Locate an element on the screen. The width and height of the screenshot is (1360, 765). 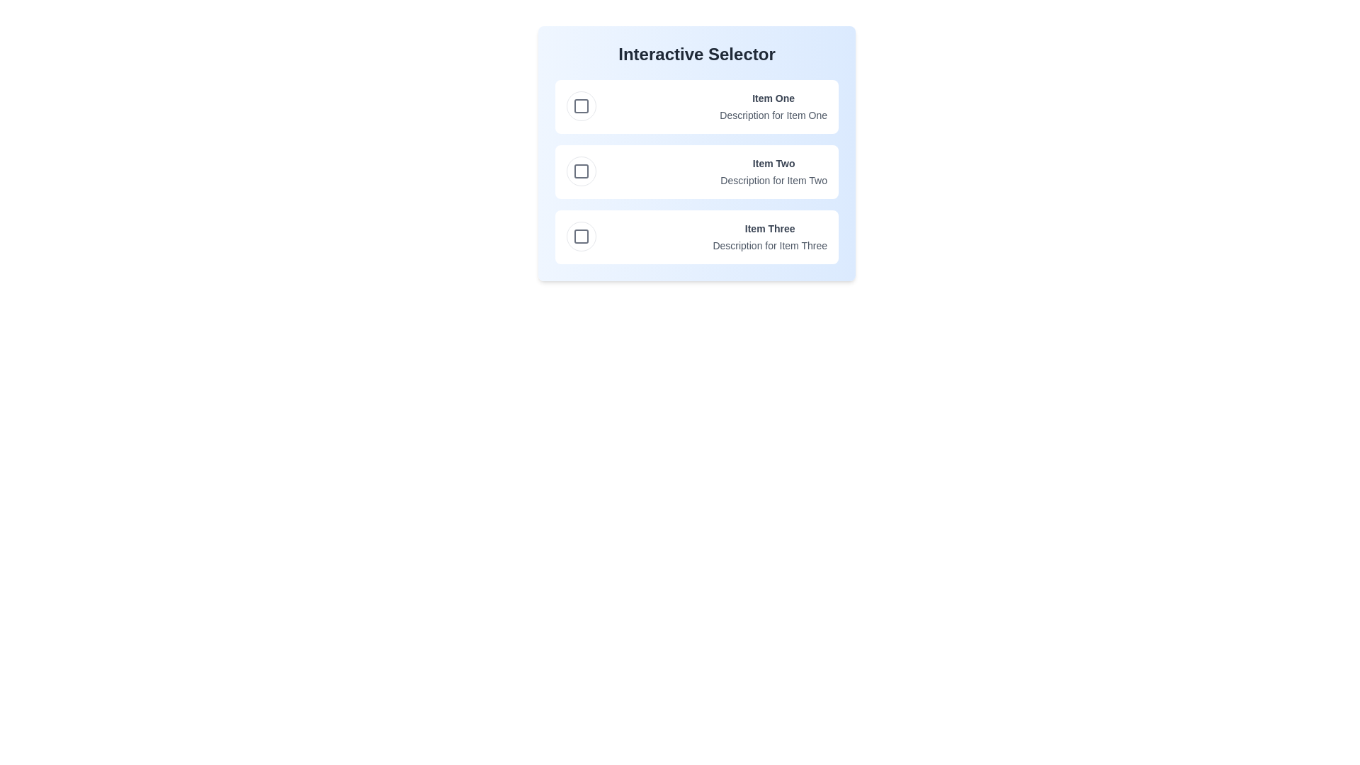
the button associated with the list item labeled 'Item Two', which is positioned on the left side of the descriptive text 'Description for Item Two' is located at coordinates (581, 171).